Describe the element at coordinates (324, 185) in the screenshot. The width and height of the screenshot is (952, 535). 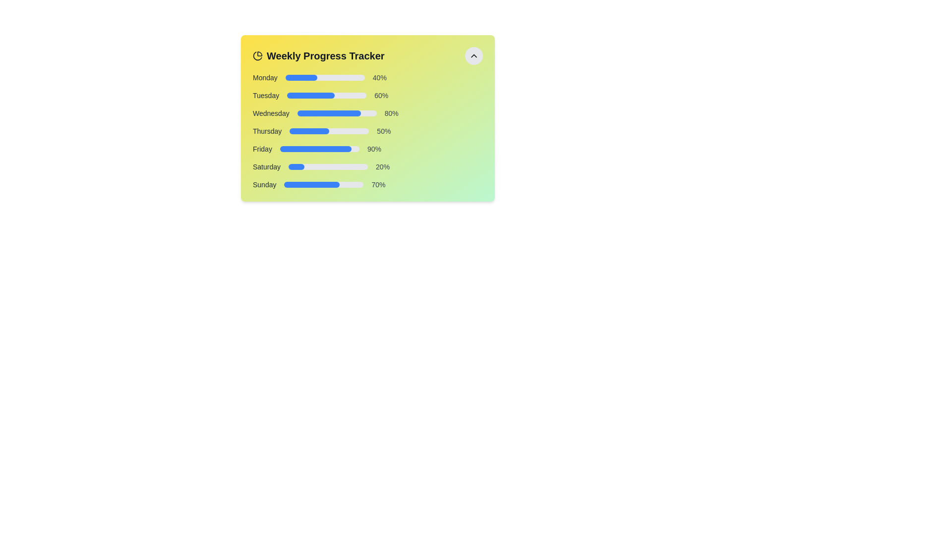
I see `the progress bar representing 70% completion for the activity associated with the label 'Sunday', which is the bottommost in the vertical list of progress bars` at that location.